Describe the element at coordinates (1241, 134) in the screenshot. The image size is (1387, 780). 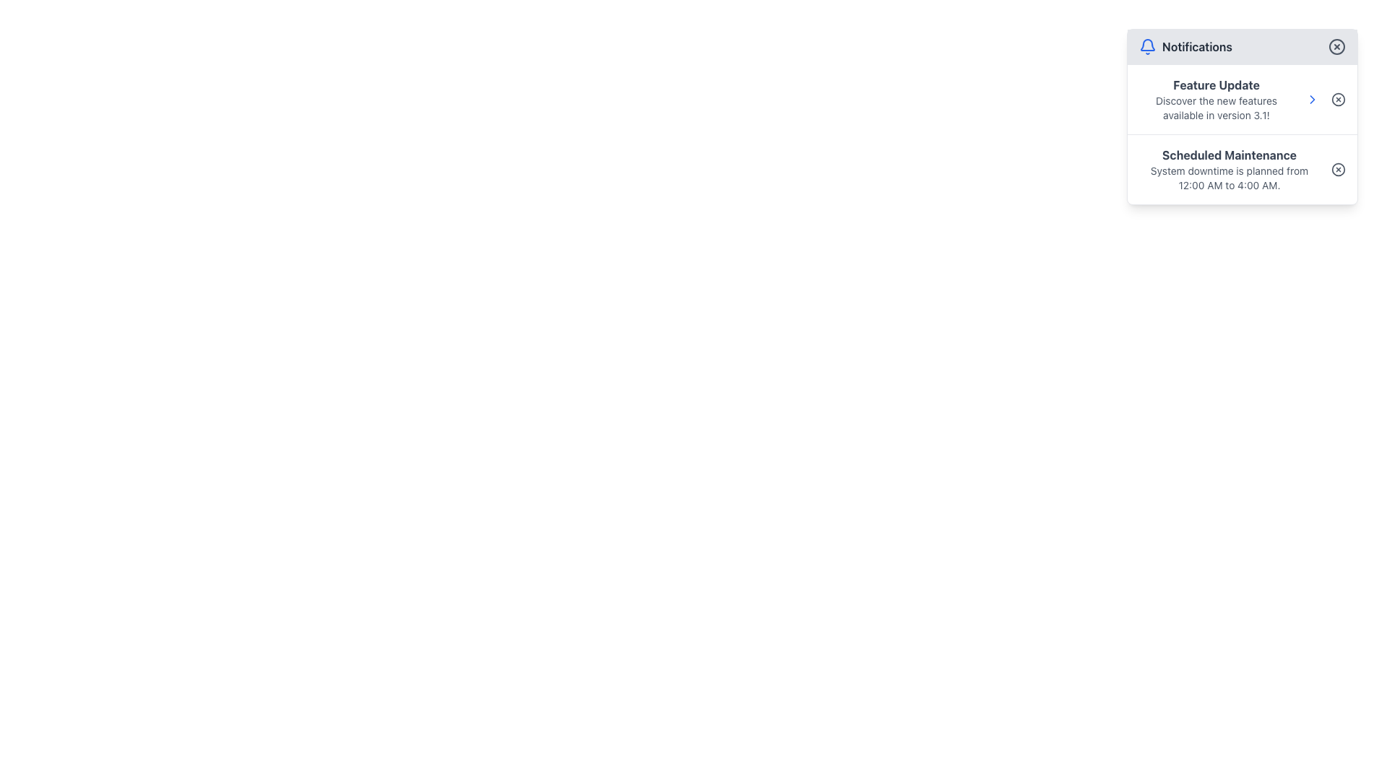
I see `the interactive icons within the notification summary panel located at the top-right of the interface, which includes sections for 'Feature Update' and 'Scheduled Maintenance'` at that location.